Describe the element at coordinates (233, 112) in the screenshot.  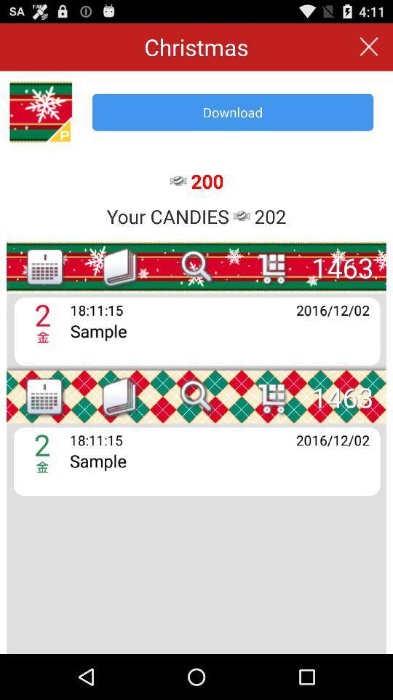
I see `download icon` at that location.